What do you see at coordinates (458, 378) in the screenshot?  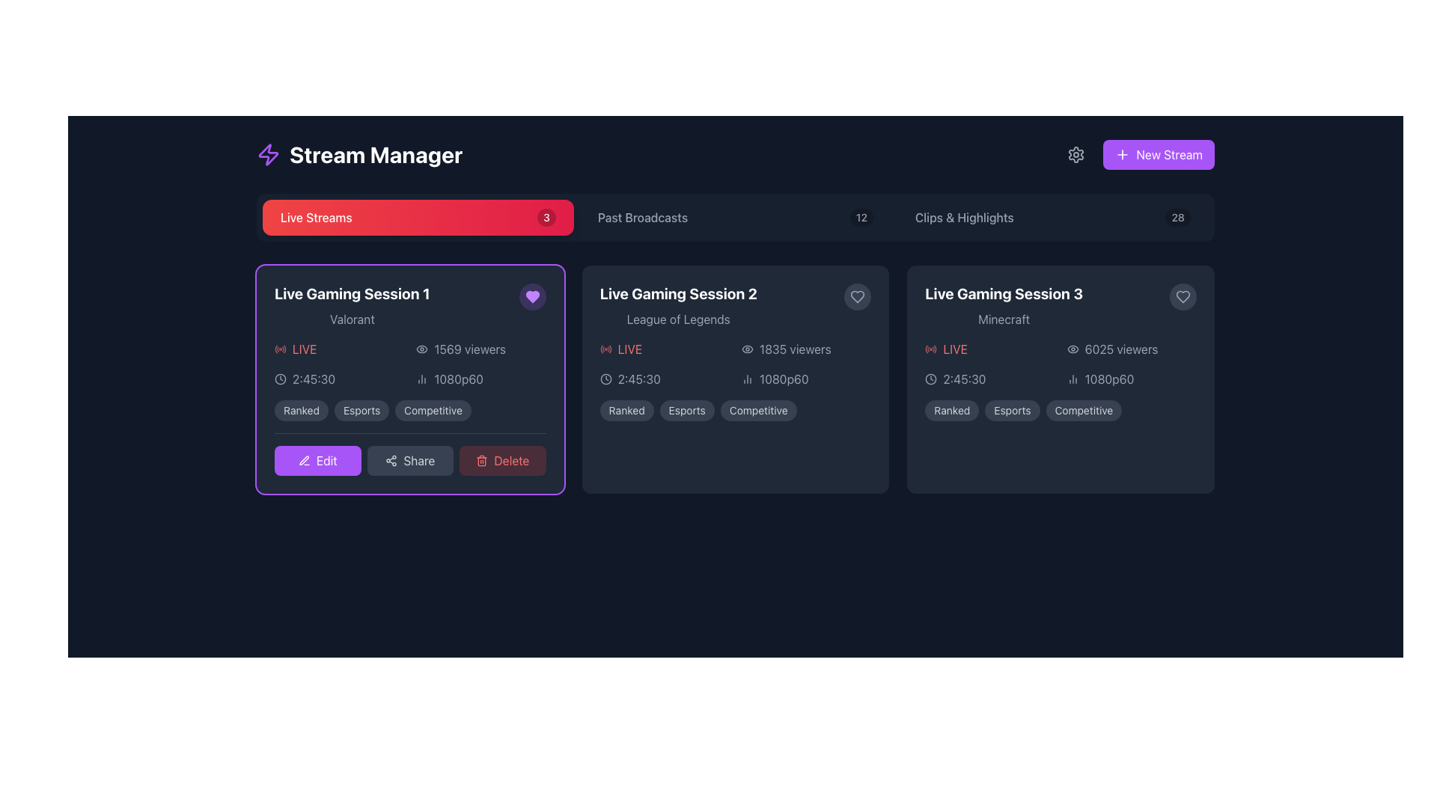 I see `text label displaying '1080p60' in light gray font within the Live Gaming Session 1 card for user comprehension` at bounding box center [458, 378].